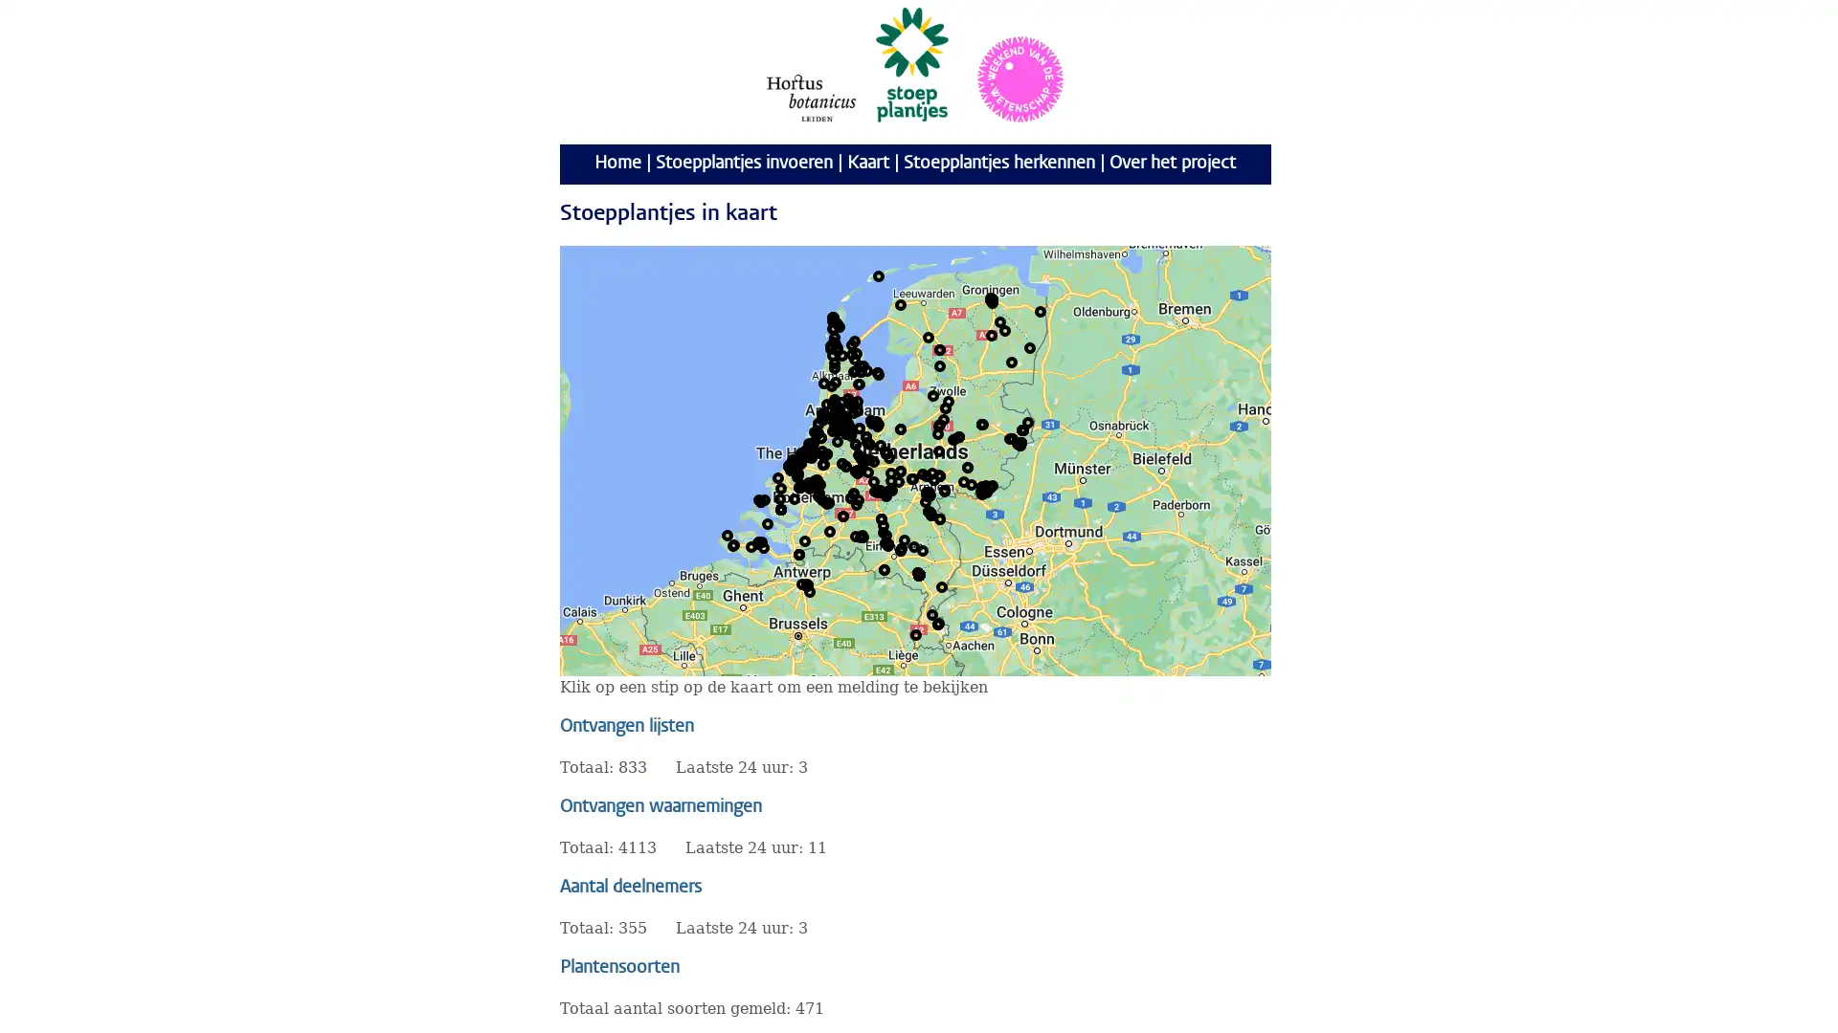  I want to click on Telling van Willem Harm op 07 december 2021, so click(818, 482).